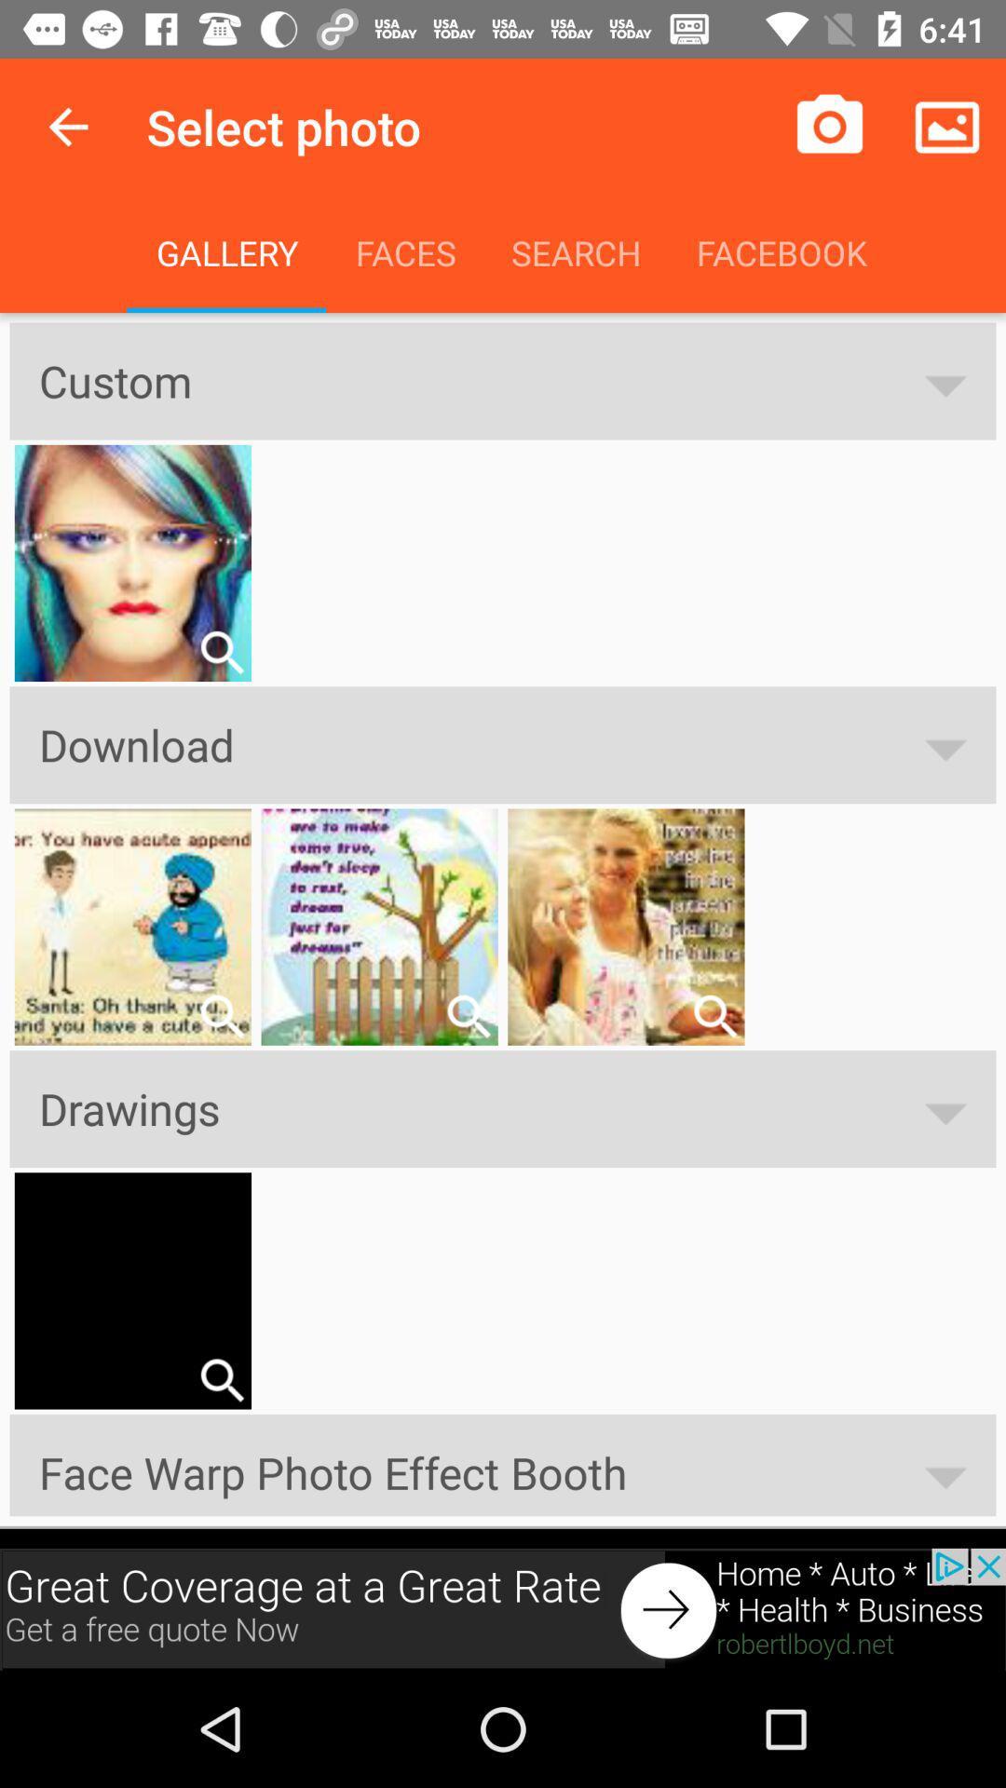 This screenshot has width=1006, height=1788. Describe the element at coordinates (503, 1608) in the screenshot. I see `advertisement` at that location.